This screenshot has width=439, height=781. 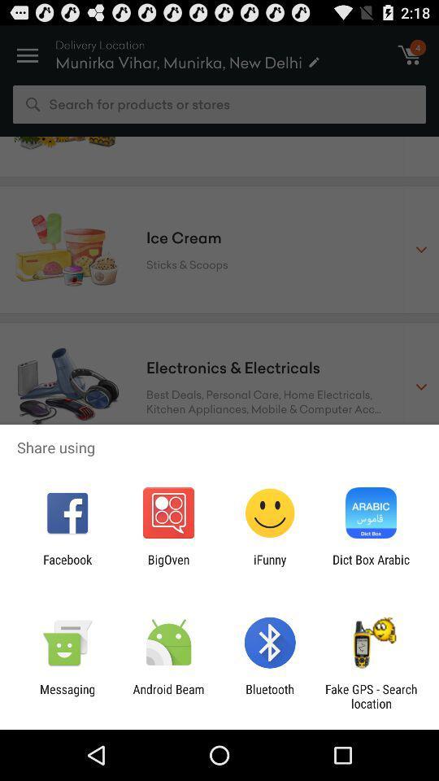 What do you see at coordinates (371, 566) in the screenshot?
I see `app to the right of ifunny` at bounding box center [371, 566].